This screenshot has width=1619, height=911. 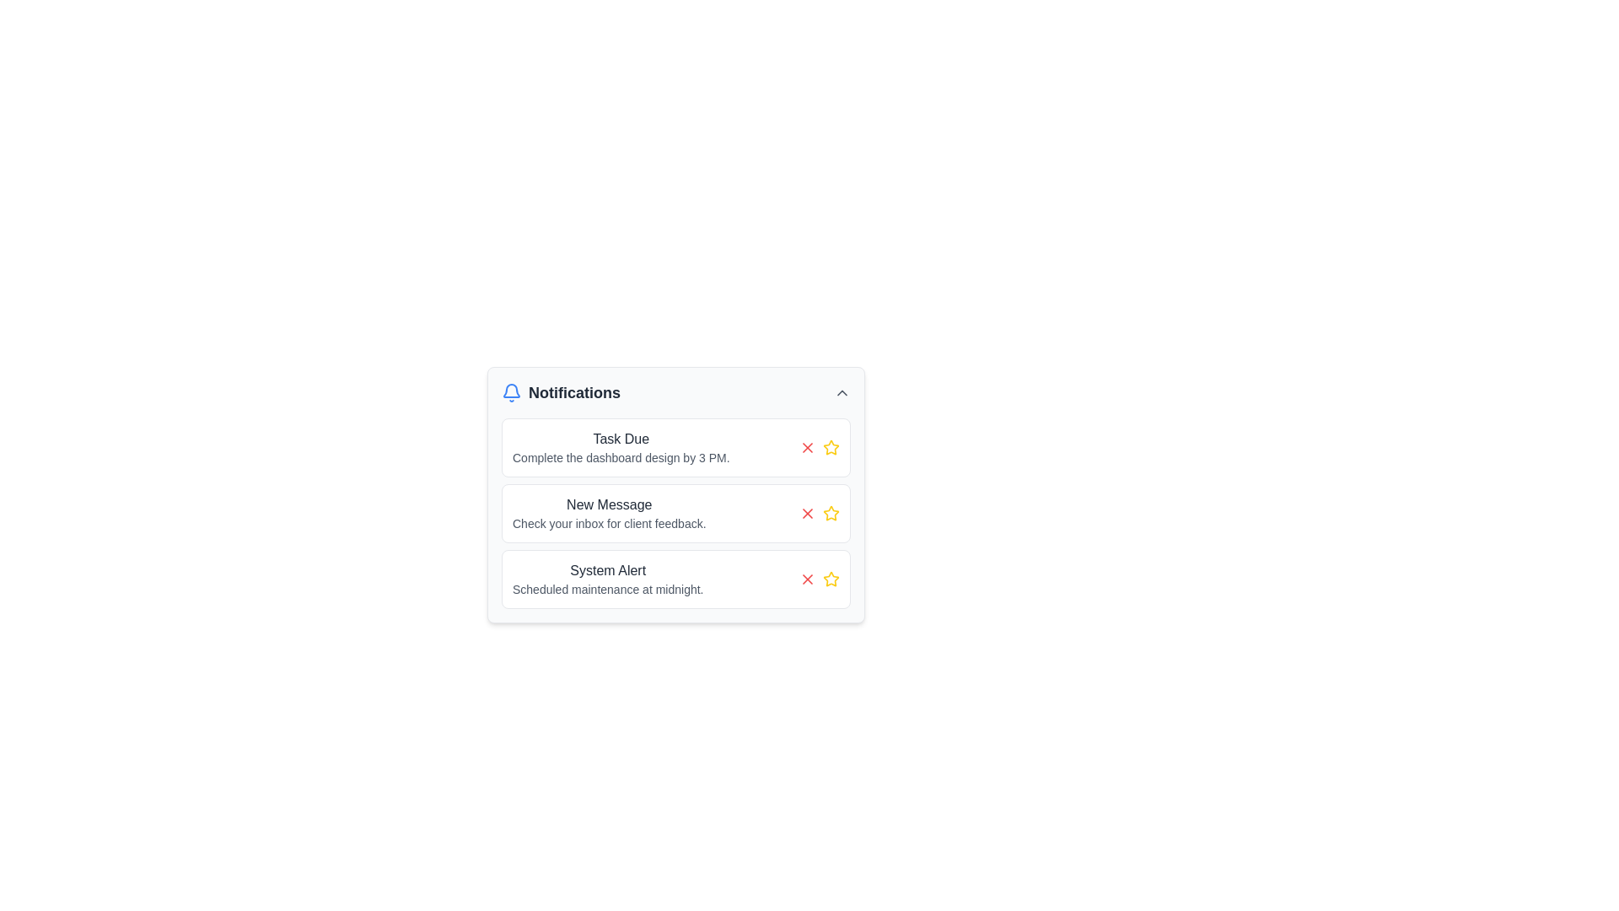 What do you see at coordinates (608, 513) in the screenshot?
I see `the second Text Block in the Notifications section that provides information about a notification, which is positioned between 'Task Due' and 'System Alert'` at bounding box center [608, 513].